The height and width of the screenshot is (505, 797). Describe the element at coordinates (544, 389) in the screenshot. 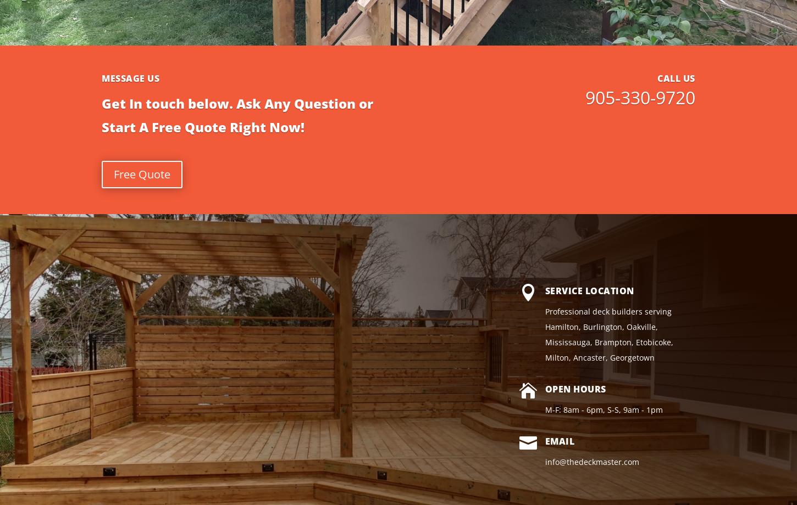

I see `'Open Hours'` at that location.